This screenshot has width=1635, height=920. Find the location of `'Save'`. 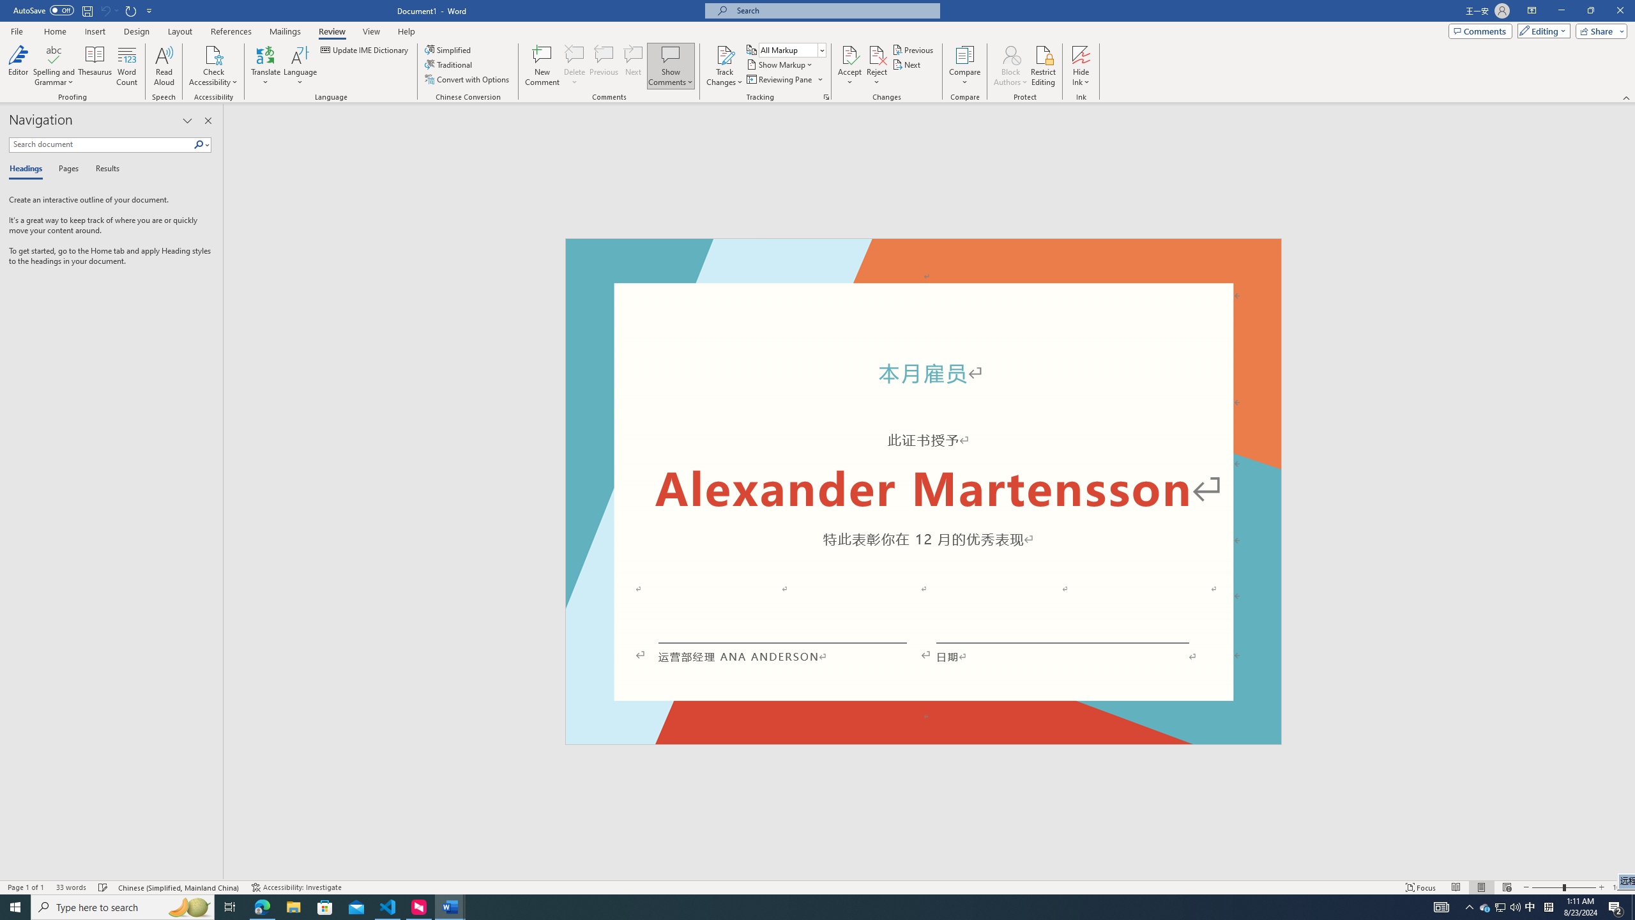

'Save' is located at coordinates (86, 10).